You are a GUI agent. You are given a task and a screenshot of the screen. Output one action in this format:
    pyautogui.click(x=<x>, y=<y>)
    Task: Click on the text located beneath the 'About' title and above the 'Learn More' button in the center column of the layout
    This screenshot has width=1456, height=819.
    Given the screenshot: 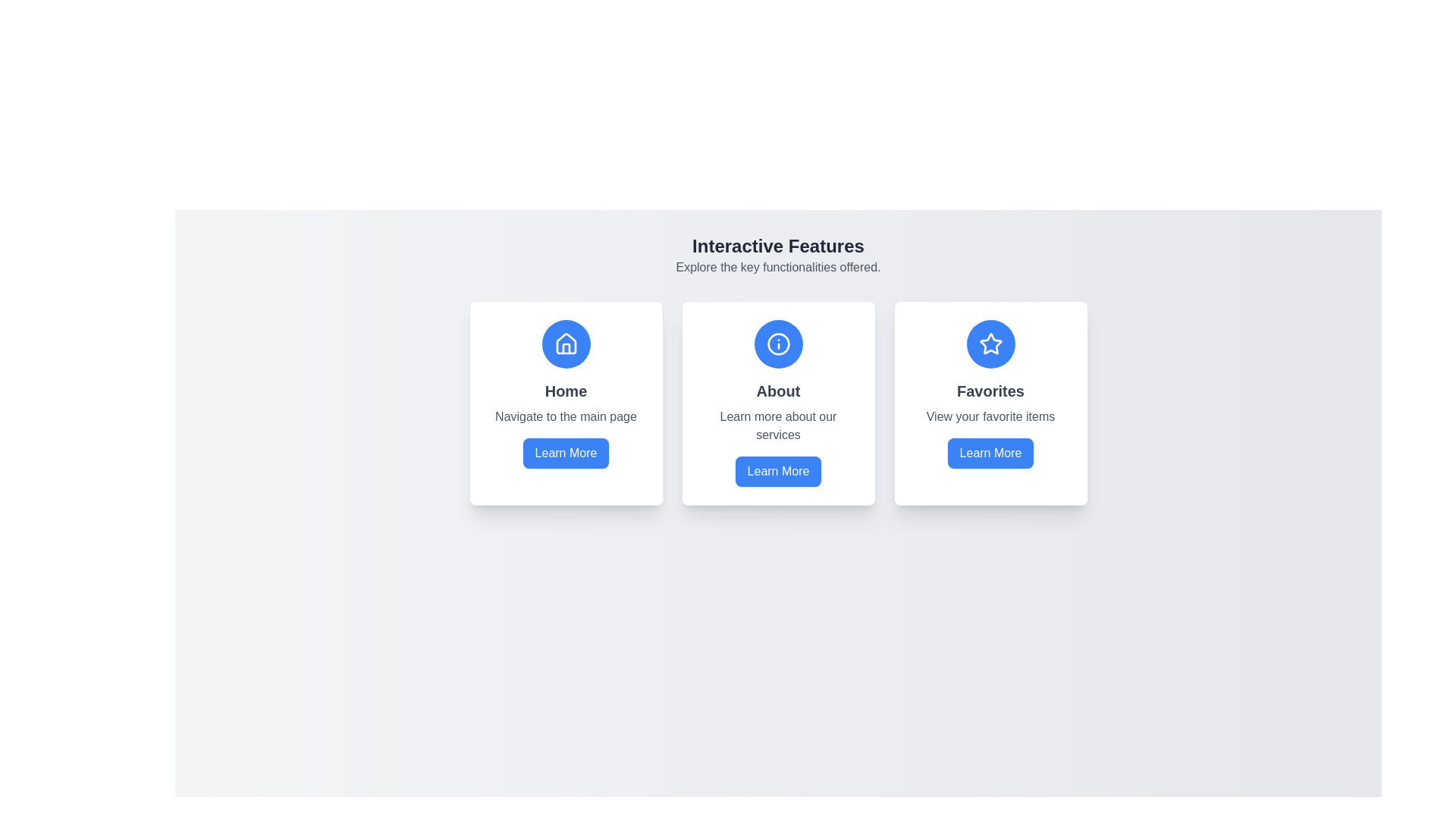 What is the action you would take?
    pyautogui.click(x=778, y=426)
    